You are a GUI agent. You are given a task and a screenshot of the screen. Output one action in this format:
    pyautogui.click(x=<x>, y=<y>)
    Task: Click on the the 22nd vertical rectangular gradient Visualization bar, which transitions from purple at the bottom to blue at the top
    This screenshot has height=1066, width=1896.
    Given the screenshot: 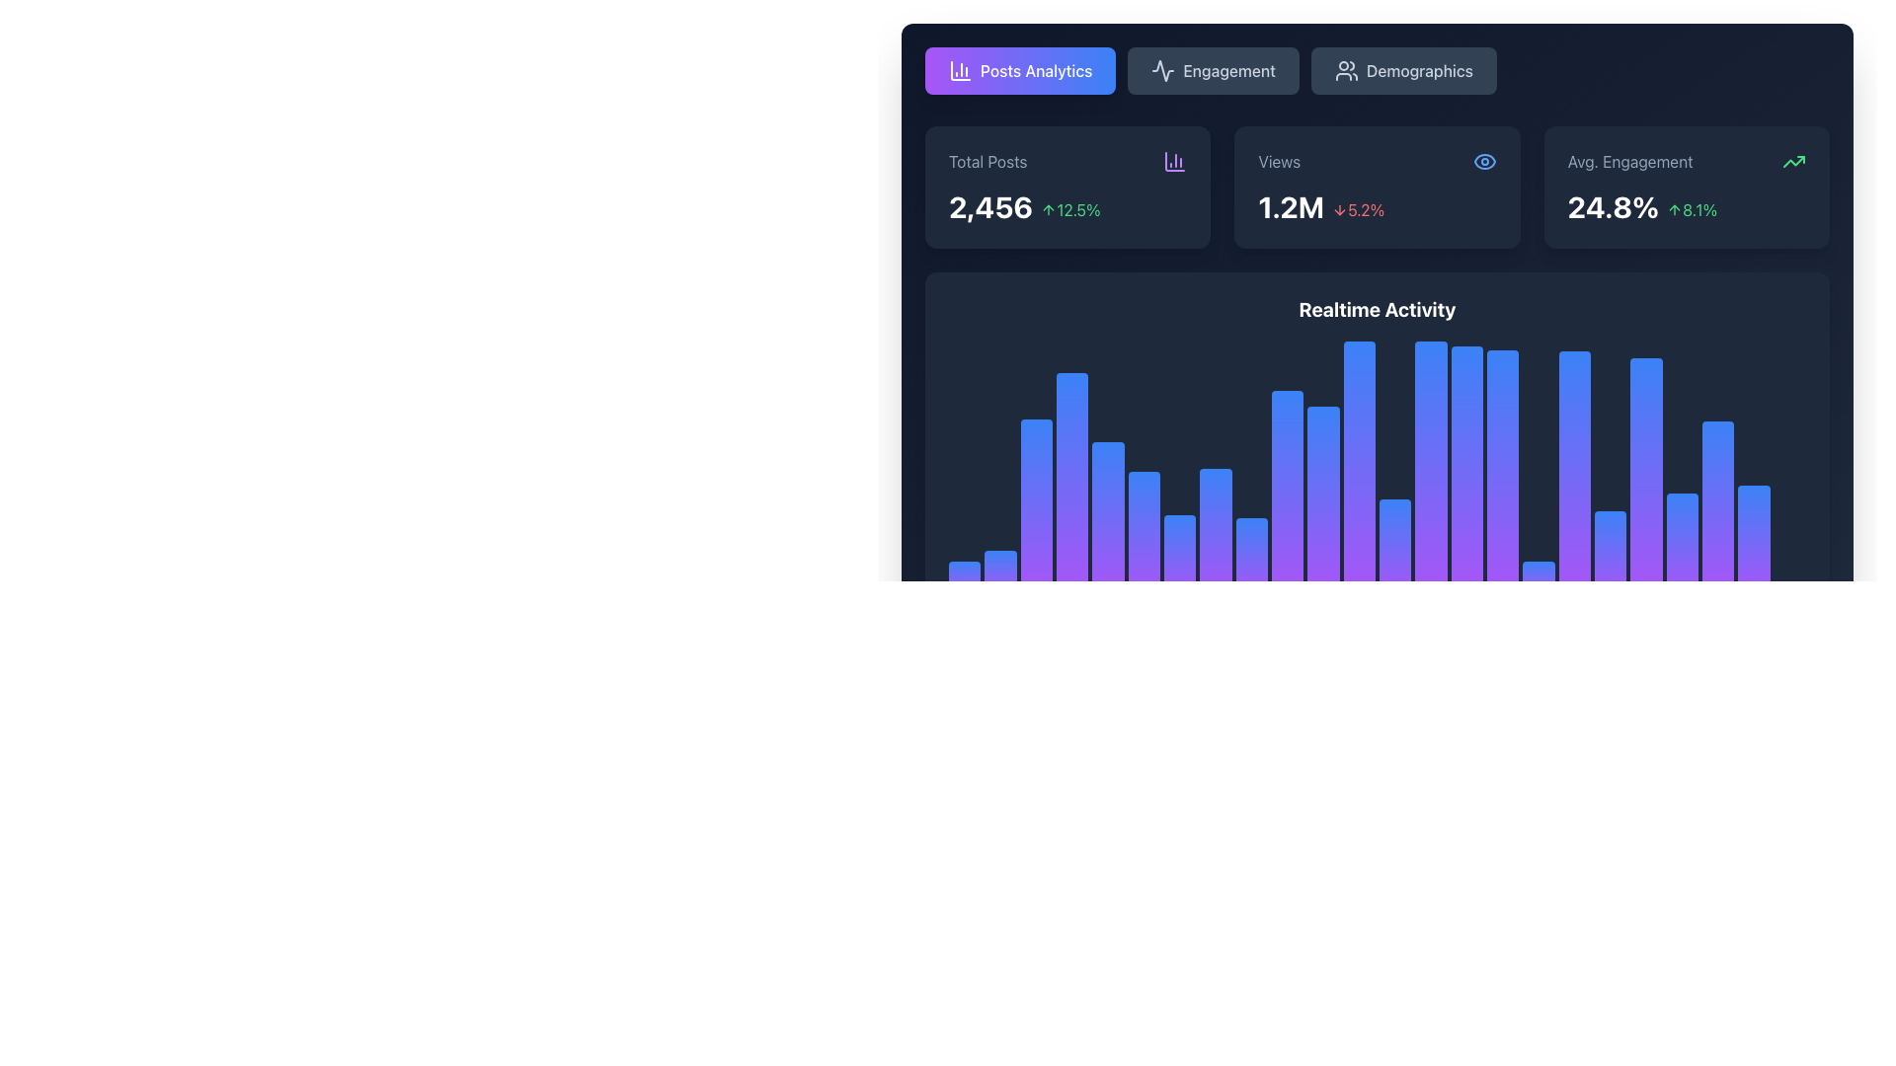 What is the action you would take?
    pyautogui.click(x=1681, y=466)
    